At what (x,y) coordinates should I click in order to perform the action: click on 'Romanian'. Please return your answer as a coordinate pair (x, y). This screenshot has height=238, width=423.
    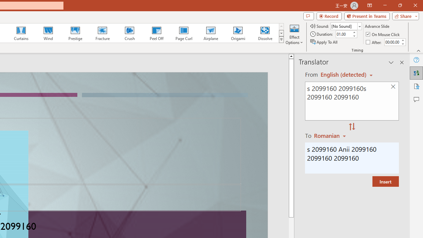
    Looking at the image, I should click on (331, 135).